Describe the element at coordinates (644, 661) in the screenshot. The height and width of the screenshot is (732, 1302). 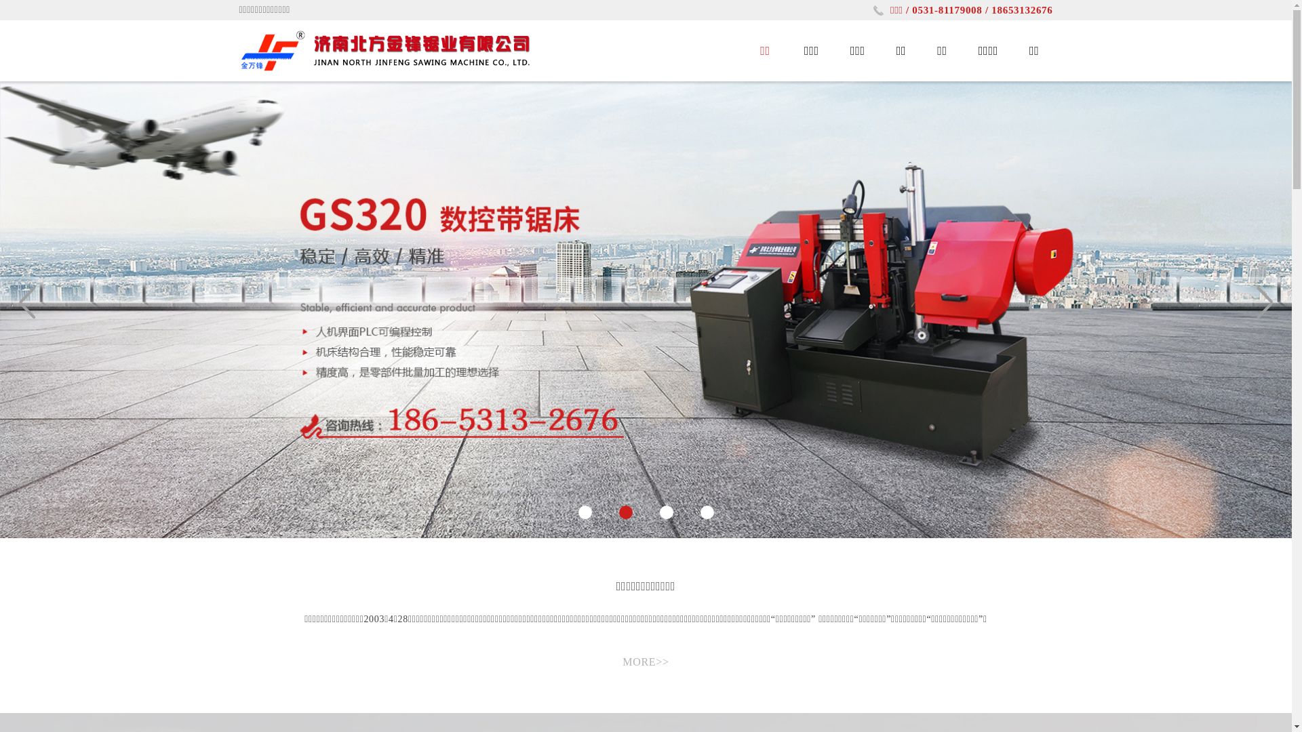
I see `'MORE>>'` at that location.